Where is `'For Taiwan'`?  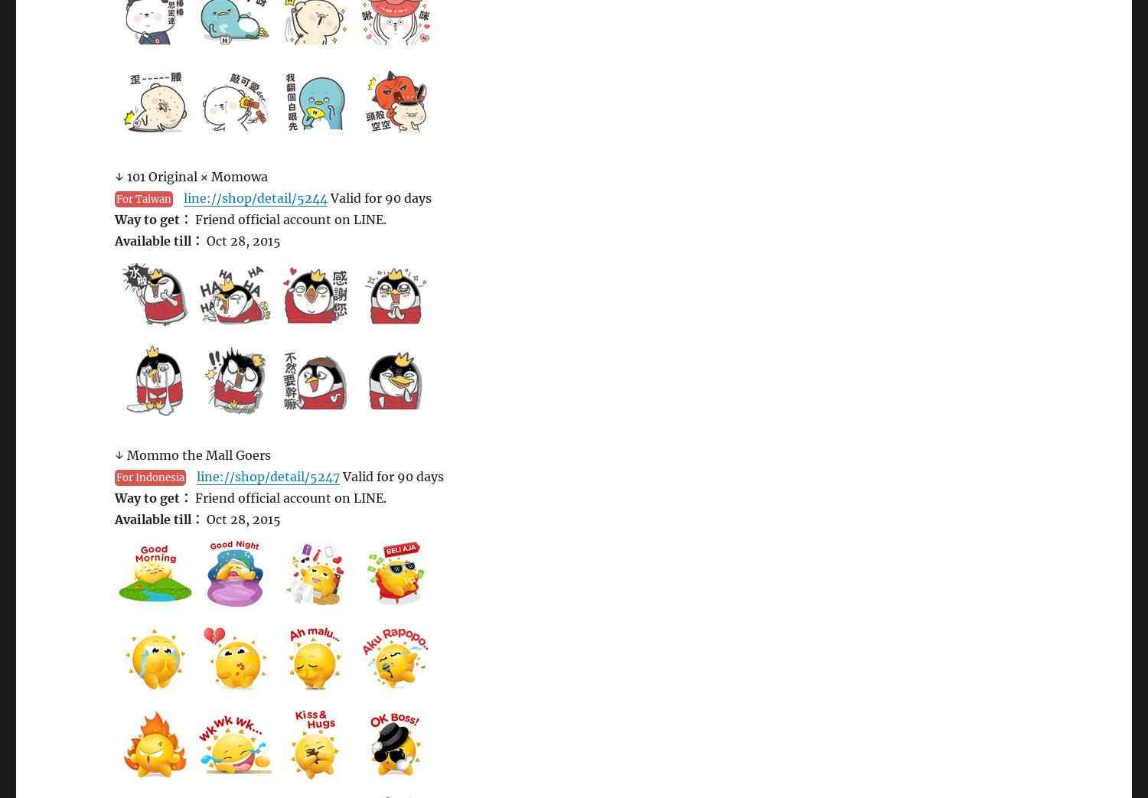 'For Taiwan' is located at coordinates (143, 199).